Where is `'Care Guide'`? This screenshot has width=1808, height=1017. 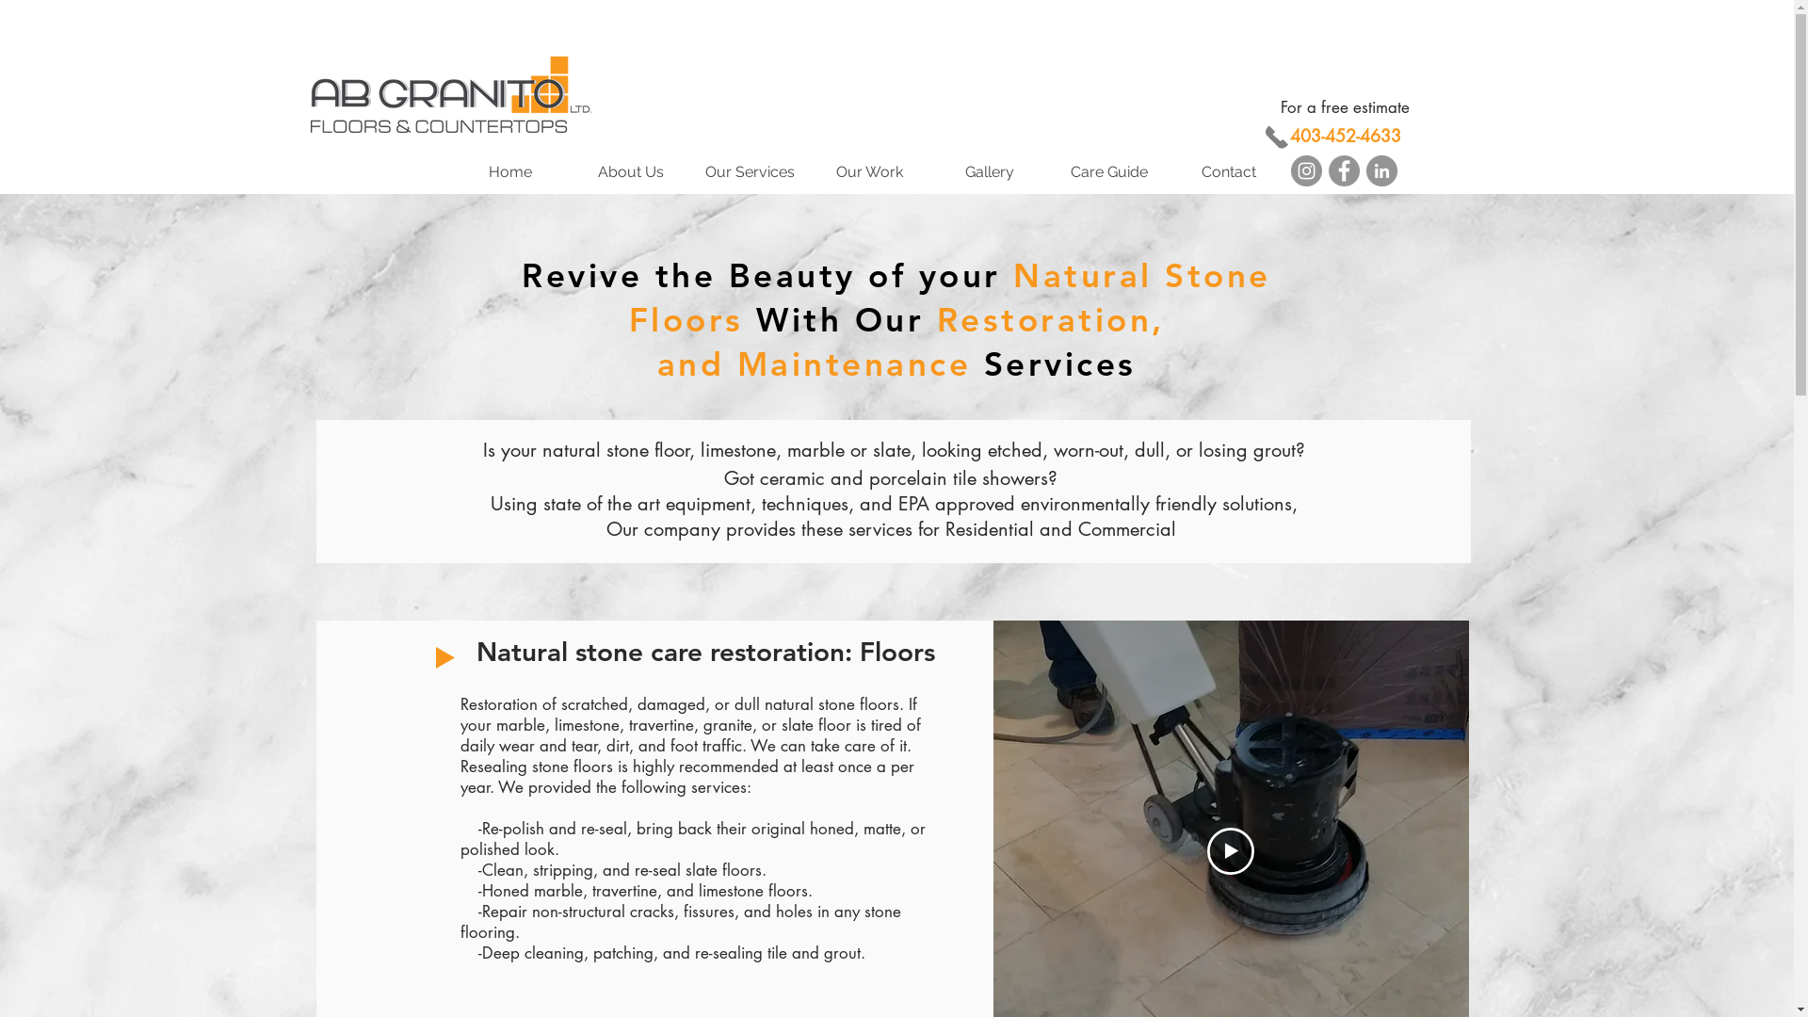 'Care Guide' is located at coordinates (1047, 171).